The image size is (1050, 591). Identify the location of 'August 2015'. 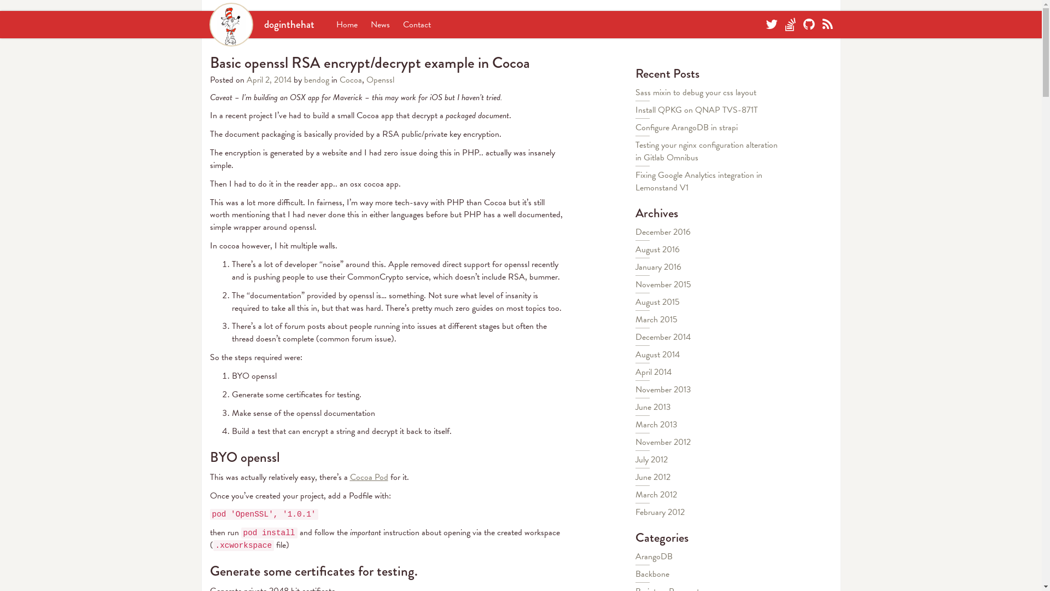
(657, 302).